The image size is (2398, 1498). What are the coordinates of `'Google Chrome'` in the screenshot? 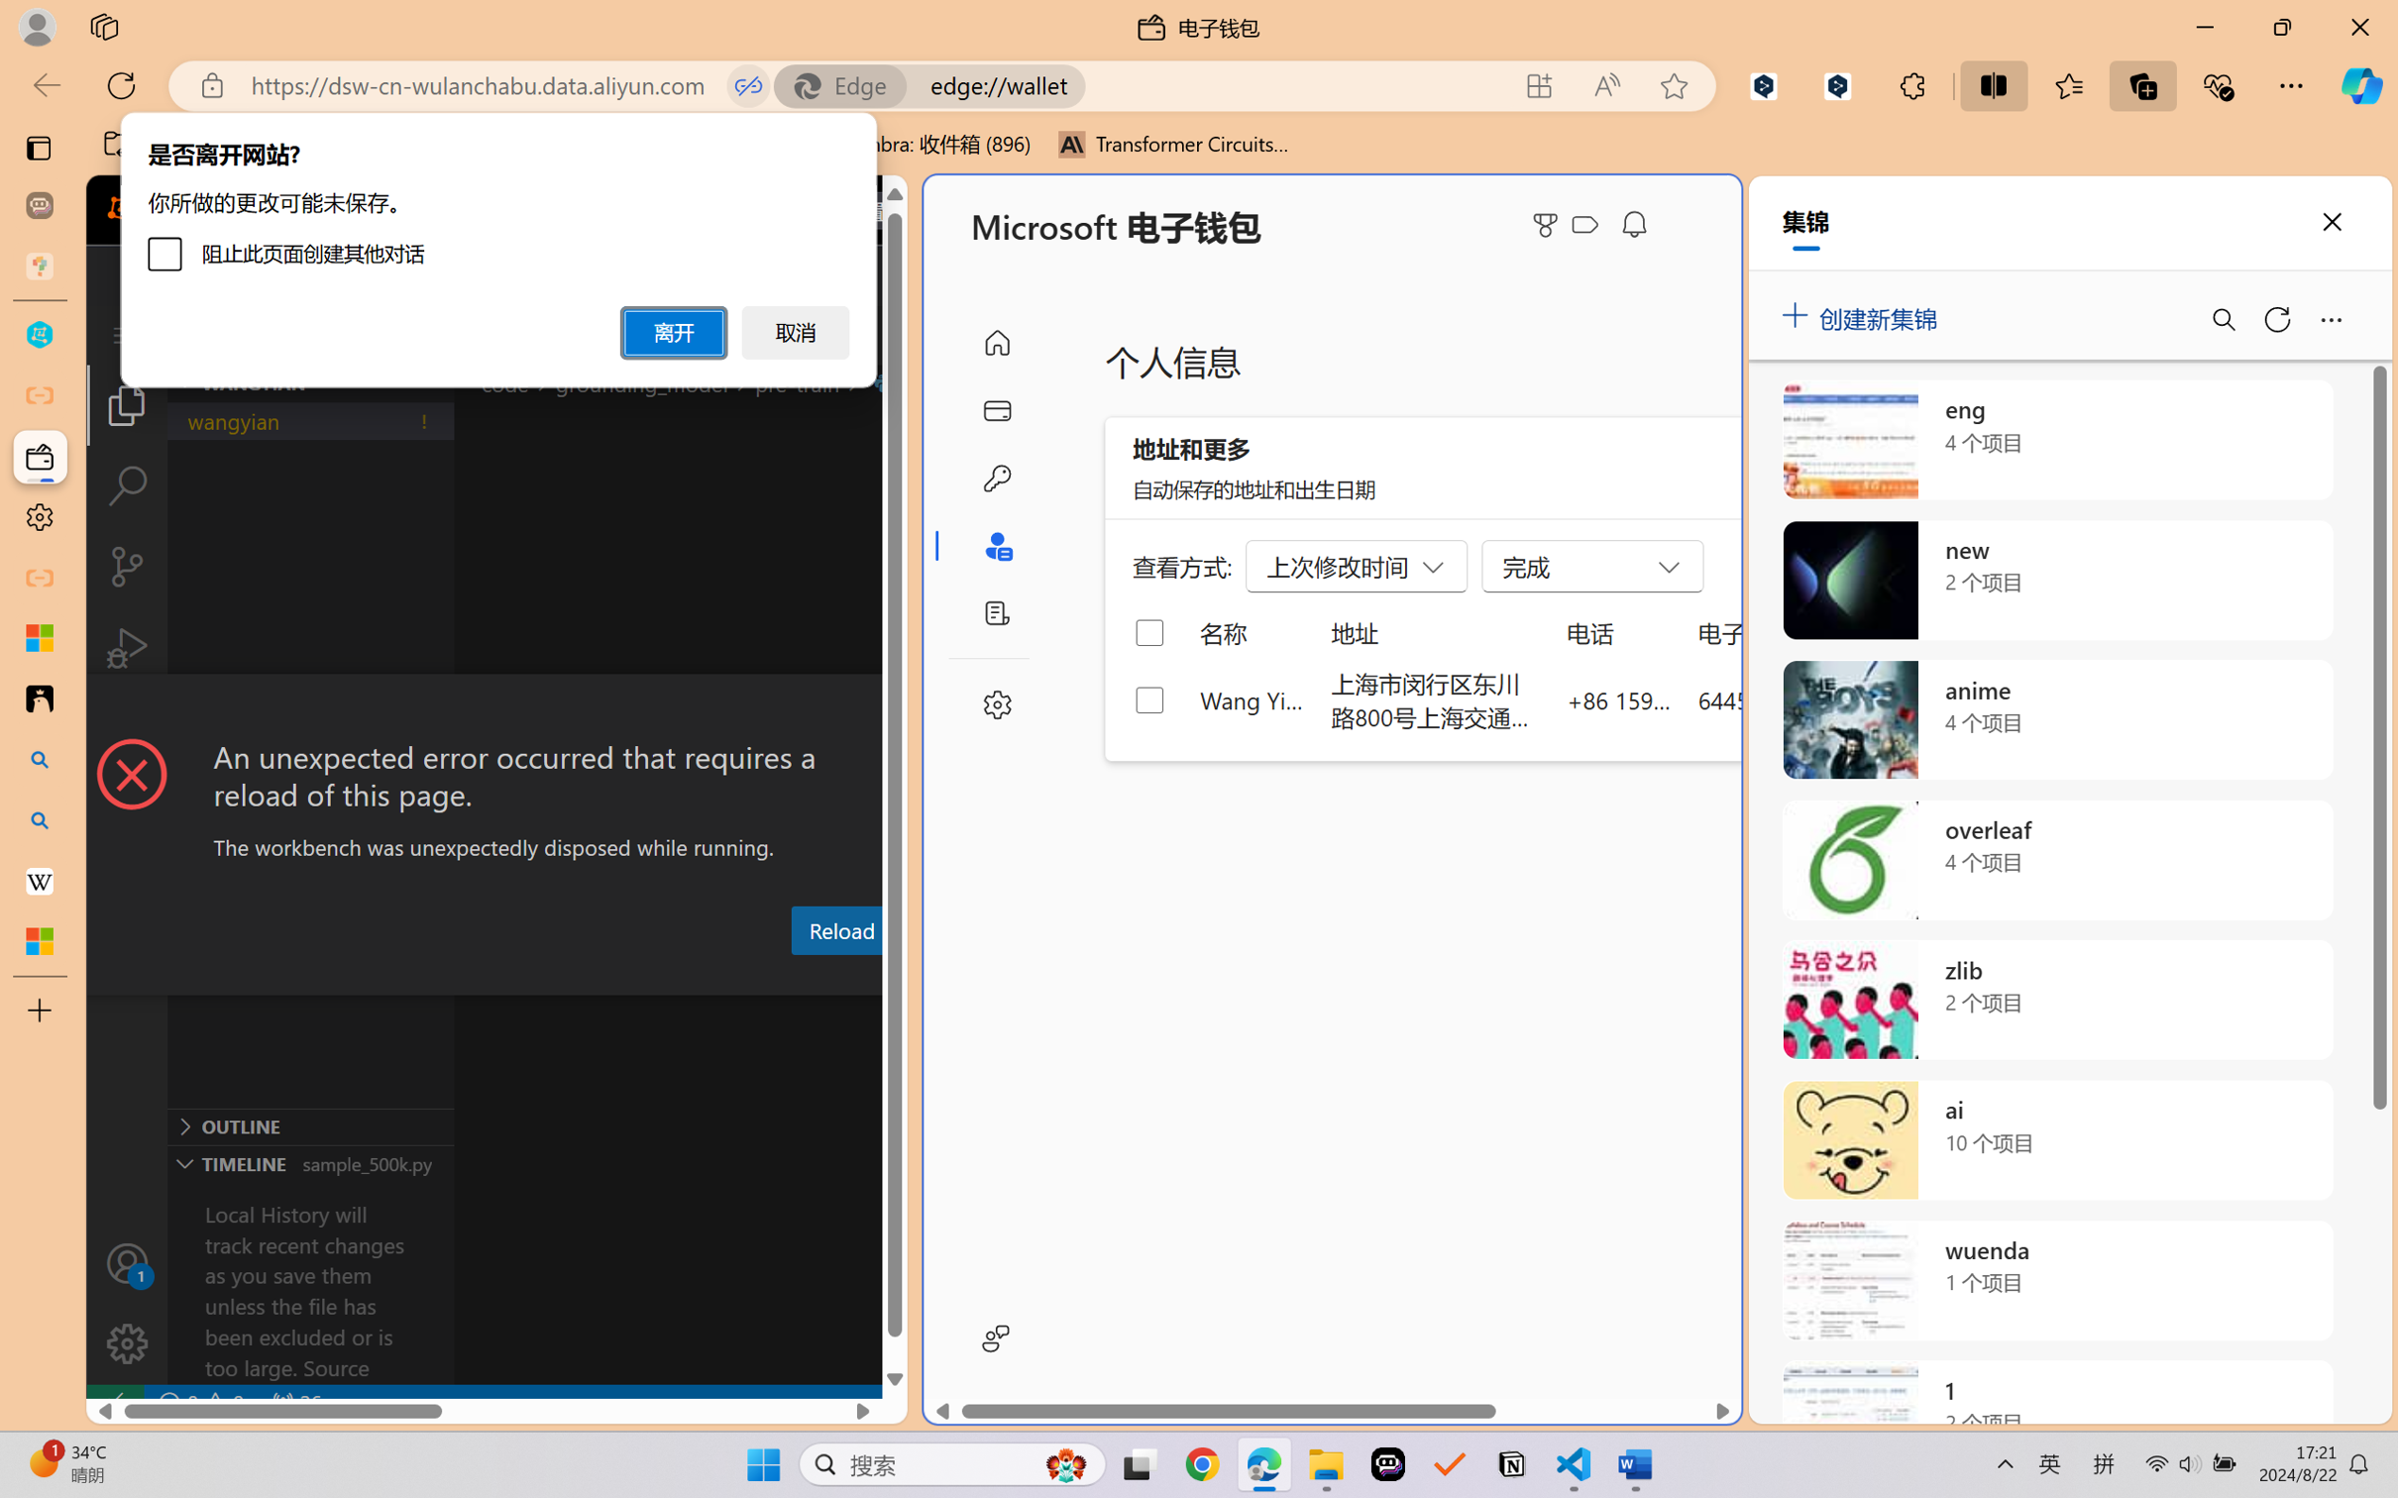 It's located at (1202, 1464).